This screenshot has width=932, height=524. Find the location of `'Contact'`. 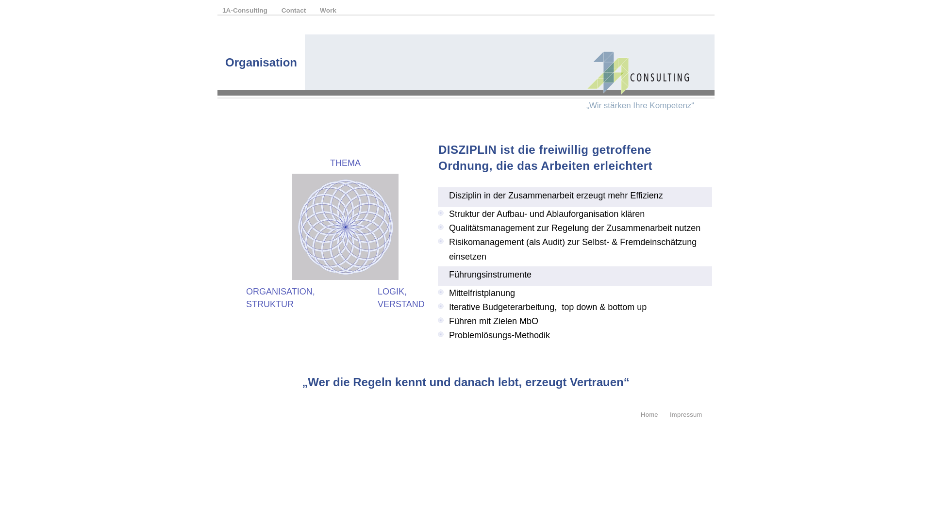

'Contact' is located at coordinates (294, 10).